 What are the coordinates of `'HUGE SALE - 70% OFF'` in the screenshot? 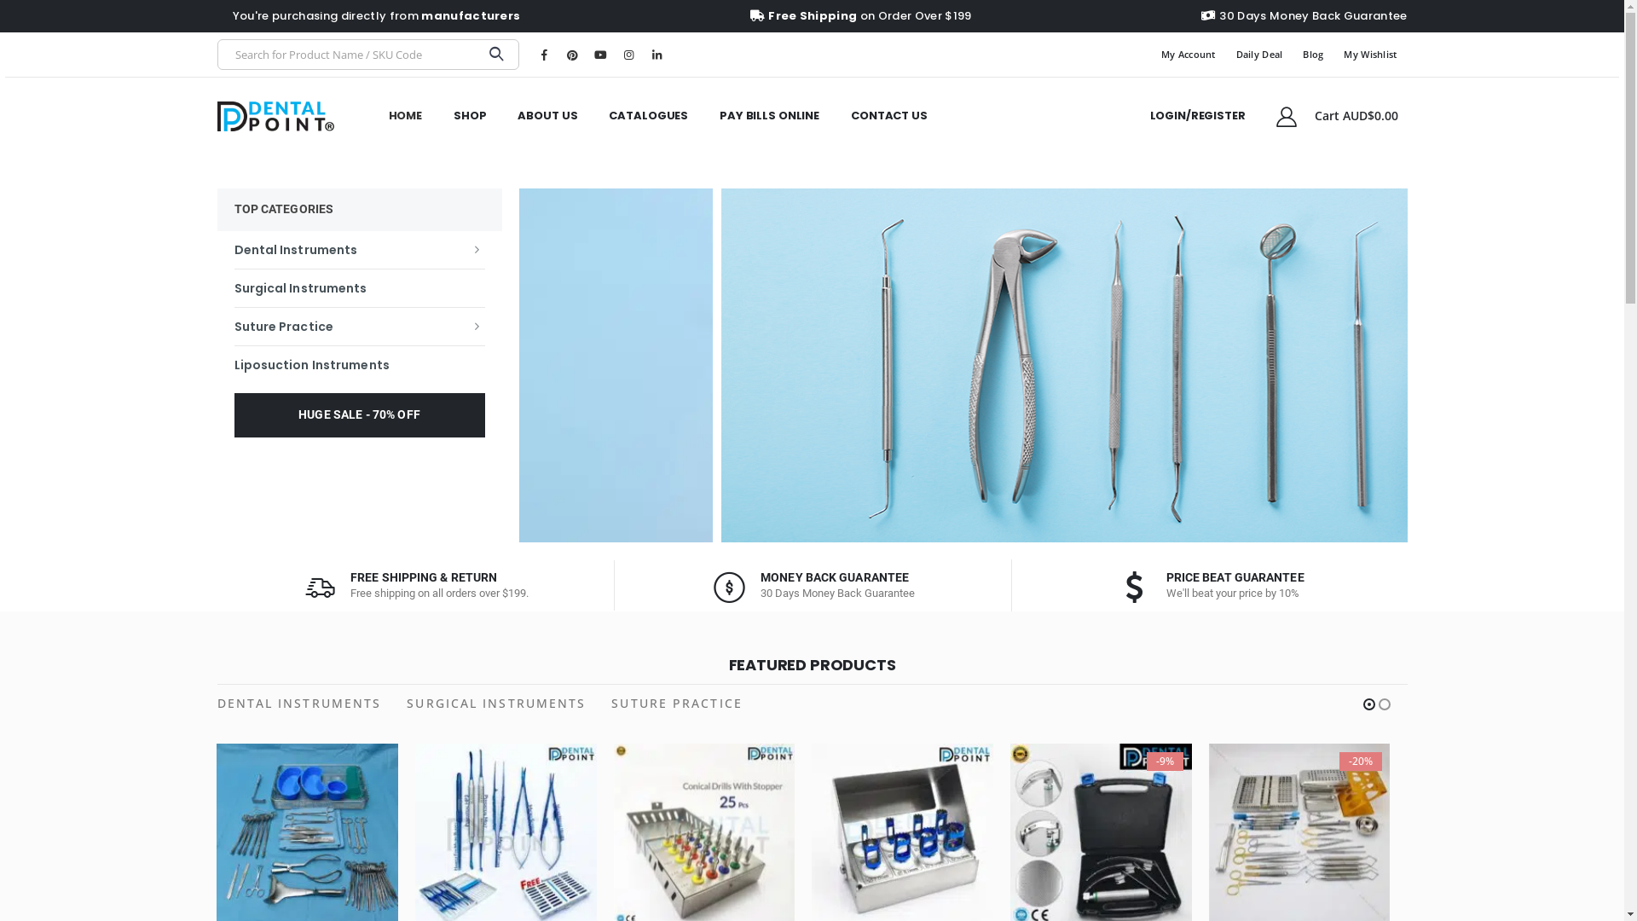 It's located at (358, 414).